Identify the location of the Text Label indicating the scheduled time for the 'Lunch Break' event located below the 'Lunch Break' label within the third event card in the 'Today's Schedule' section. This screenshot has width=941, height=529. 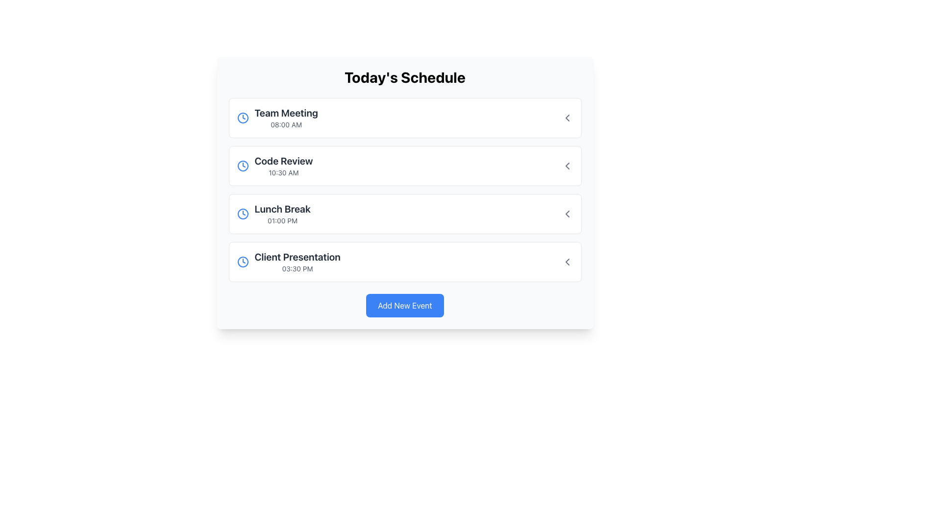
(282, 221).